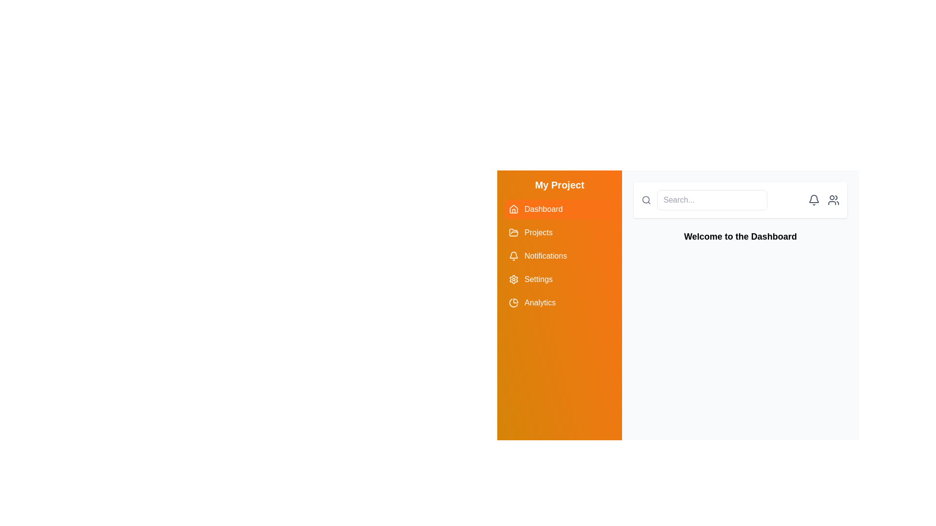  What do you see at coordinates (740, 237) in the screenshot?
I see `the welcoming text label located centrally below the header area of the dashboard, which serves as an introductory message for users` at bounding box center [740, 237].